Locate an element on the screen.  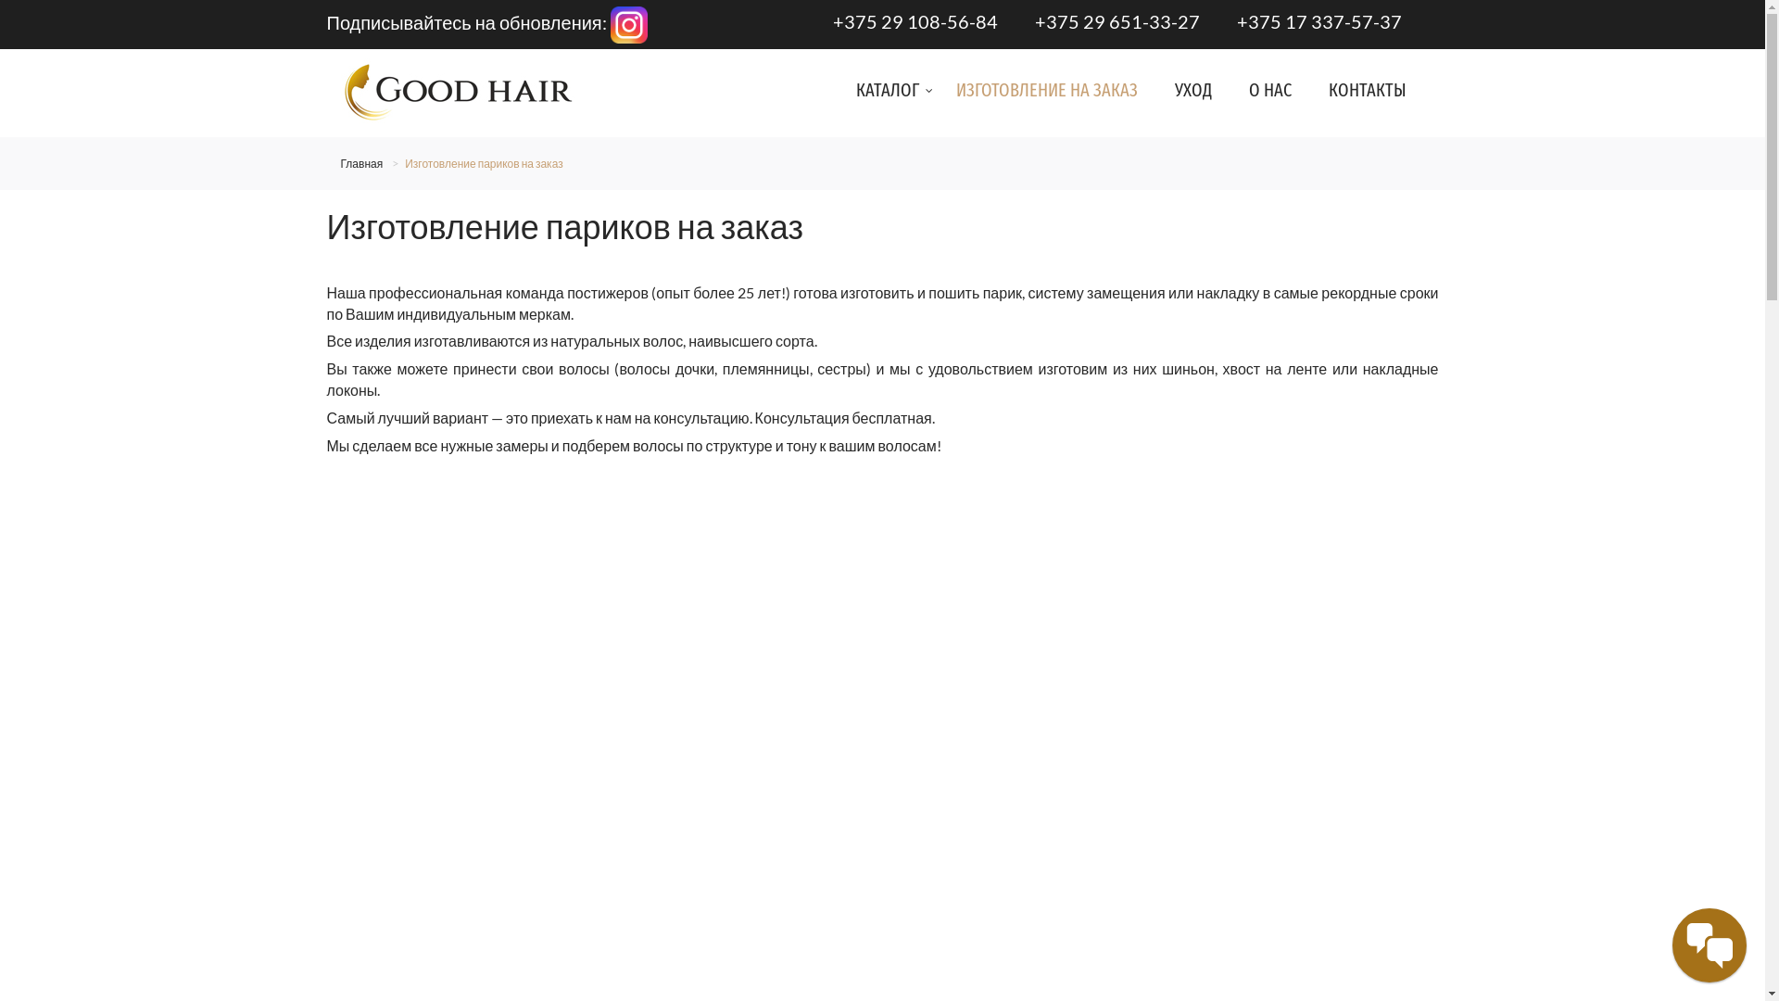
'+375 29 651-33-27' is located at coordinates (1033, 21).